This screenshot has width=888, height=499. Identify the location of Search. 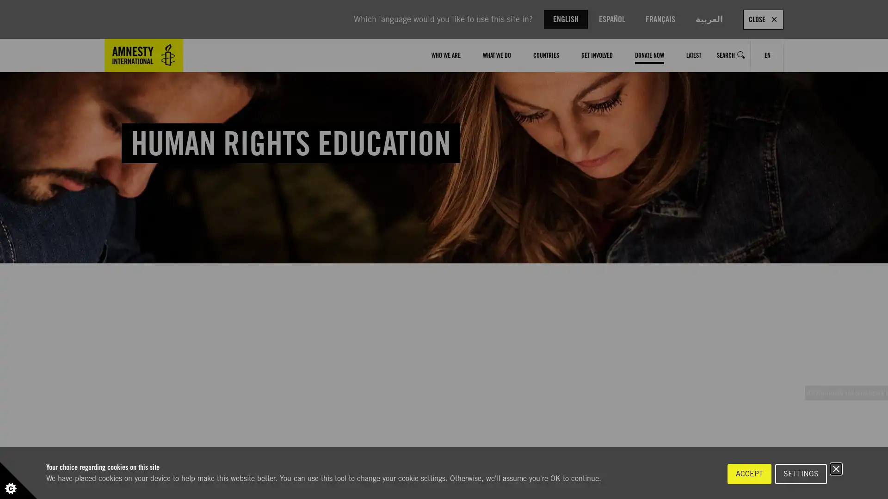
(730, 55).